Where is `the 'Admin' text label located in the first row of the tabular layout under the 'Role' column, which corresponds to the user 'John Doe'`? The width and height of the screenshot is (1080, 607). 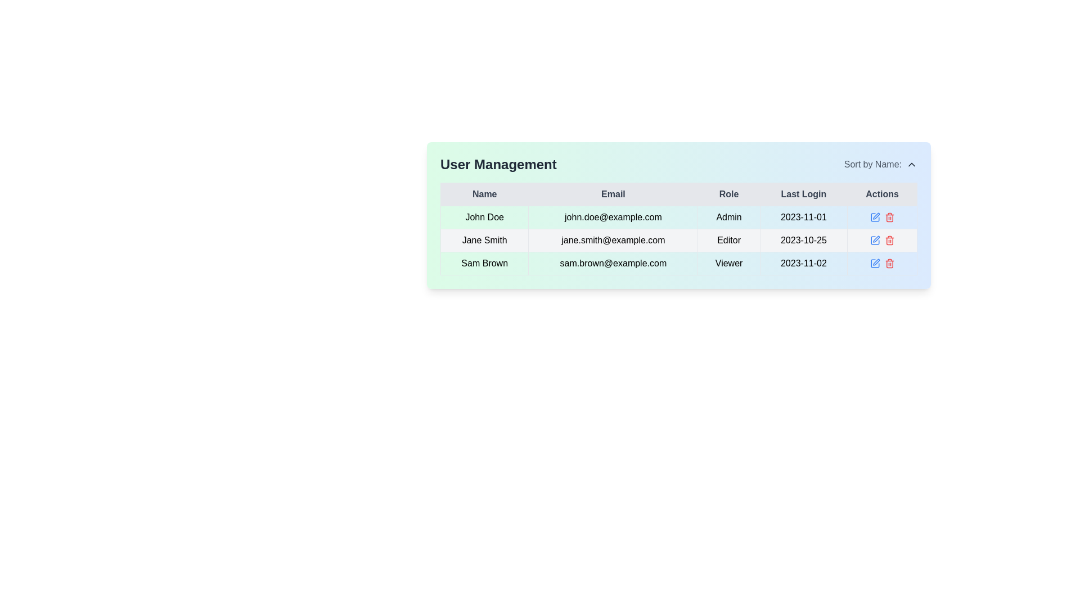 the 'Admin' text label located in the first row of the tabular layout under the 'Role' column, which corresponds to the user 'John Doe' is located at coordinates (729, 217).